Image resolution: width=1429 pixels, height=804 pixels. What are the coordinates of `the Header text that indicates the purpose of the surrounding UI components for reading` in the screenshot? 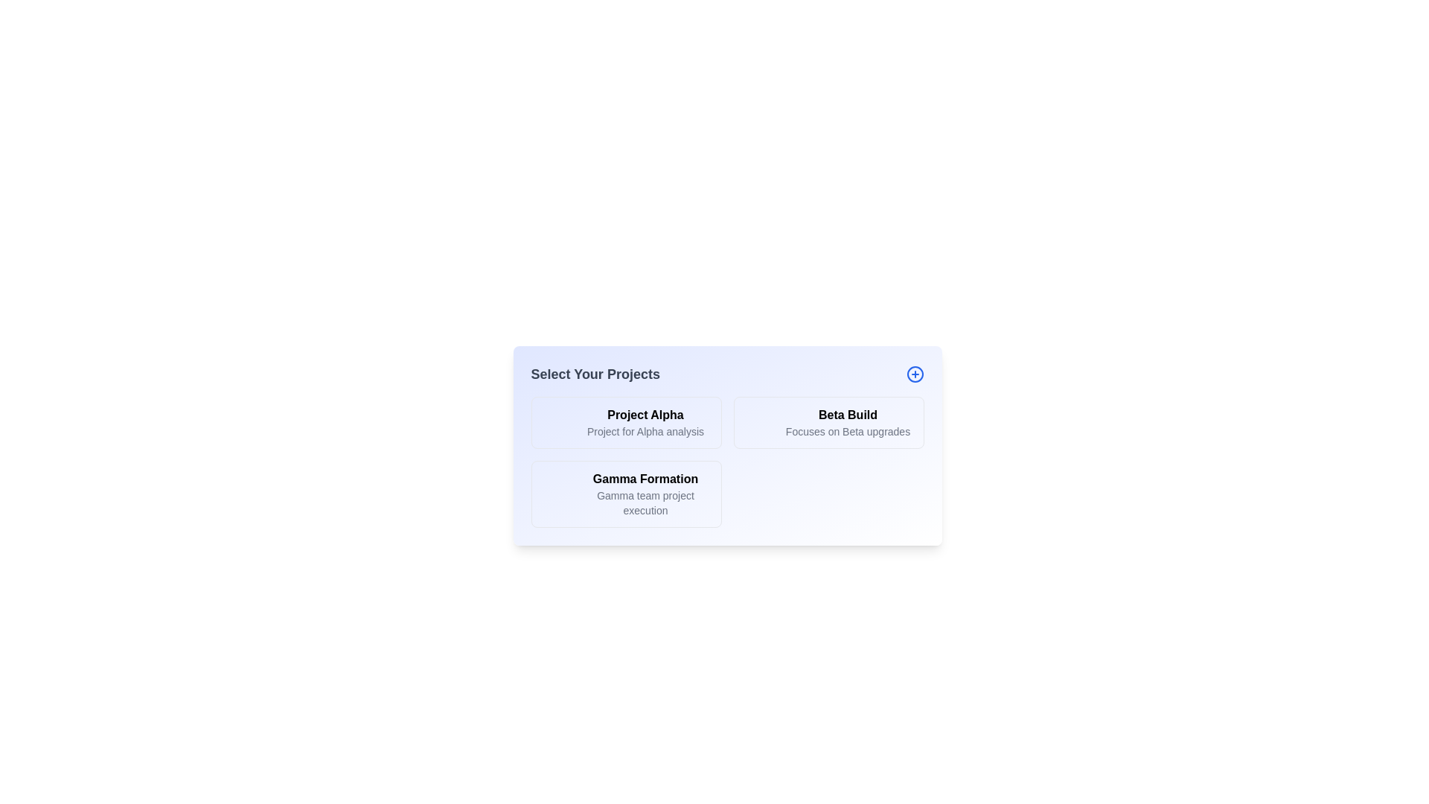 It's located at (595, 373).